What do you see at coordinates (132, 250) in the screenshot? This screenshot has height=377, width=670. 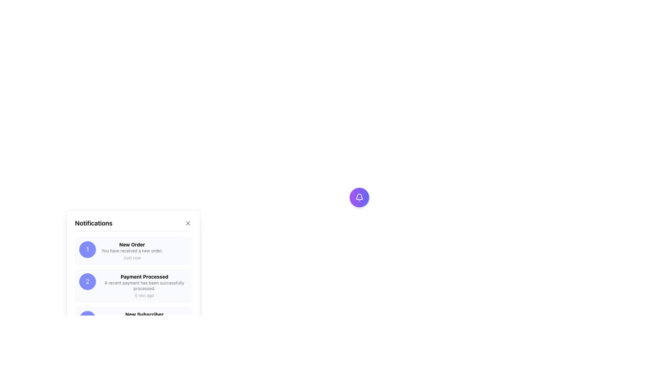 I see `the 'New Order' notification text block` at bounding box center [132, 250].